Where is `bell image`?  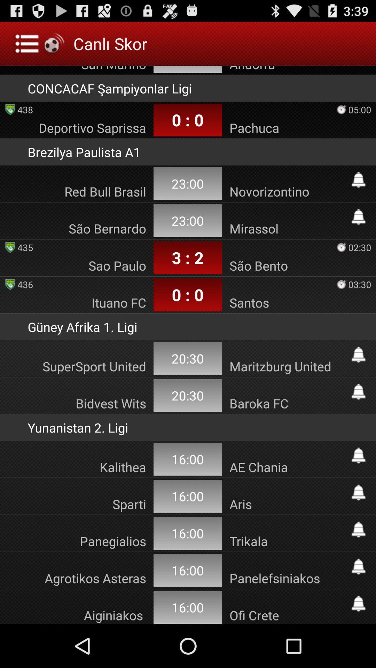
bell image is located at coordinates (358, 455).